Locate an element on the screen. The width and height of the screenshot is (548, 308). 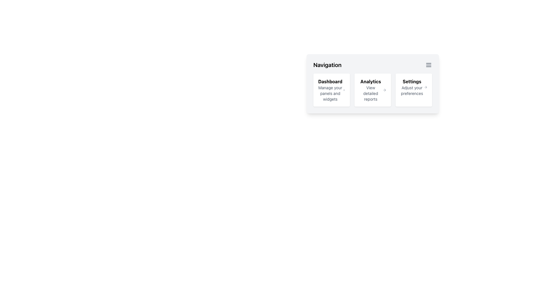
the navigation arrow icon located in the 'Analytics' section, which suggests further details related to analytics, positioned to the right of 'View detailed reports' is located at coordinates (384, 90).